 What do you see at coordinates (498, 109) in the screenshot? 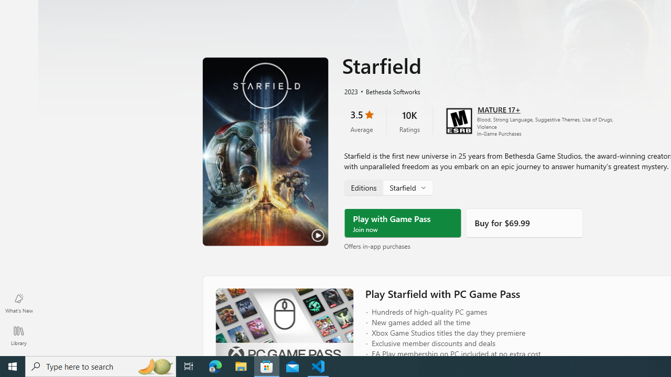
I see `'Age rating: MATURE 17+. Click for more information.'` at bounding box center [498, 109].